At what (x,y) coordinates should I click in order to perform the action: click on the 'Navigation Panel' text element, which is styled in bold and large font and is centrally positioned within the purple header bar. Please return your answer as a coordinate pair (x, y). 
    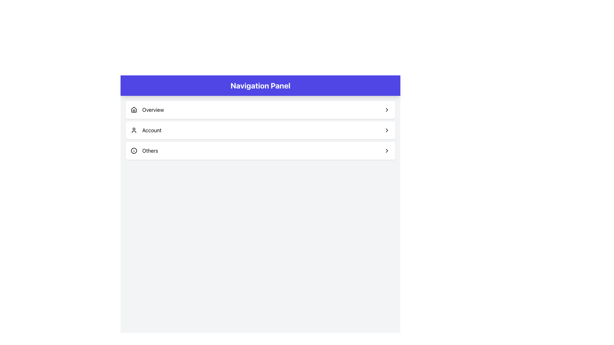
    Looking at the image, I should click on (260, 85).